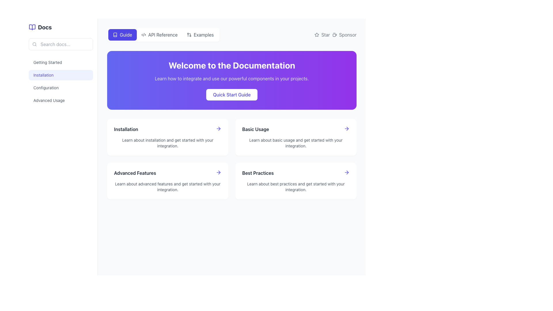 The width and height of the screenshot is (553, 311). What do you see at coordinates (346, 128) in the screenshot?
I see `the rightward arrow icon, which is indigo blue and located to the far right of the 'Basic Usage' text` at bounding box center [346, 128].